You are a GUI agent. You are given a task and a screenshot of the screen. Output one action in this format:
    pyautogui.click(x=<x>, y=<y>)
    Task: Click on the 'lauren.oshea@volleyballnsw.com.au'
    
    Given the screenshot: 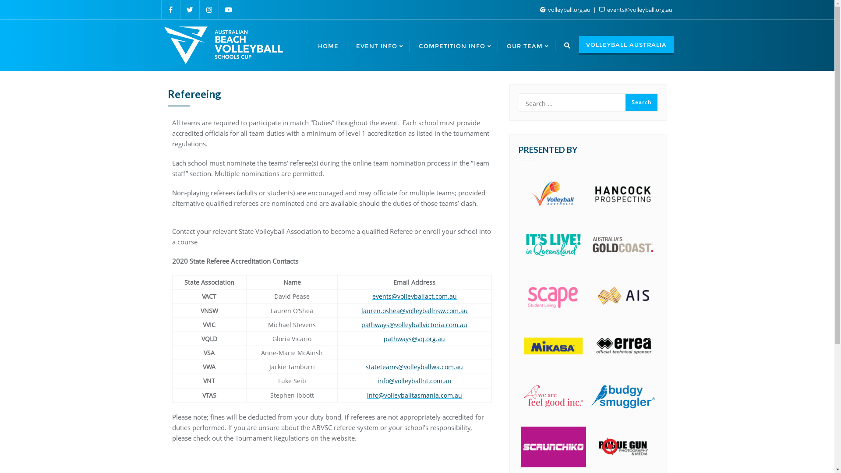 What is the action you would take?
    pyautogui.click(x=414, y=310)
    